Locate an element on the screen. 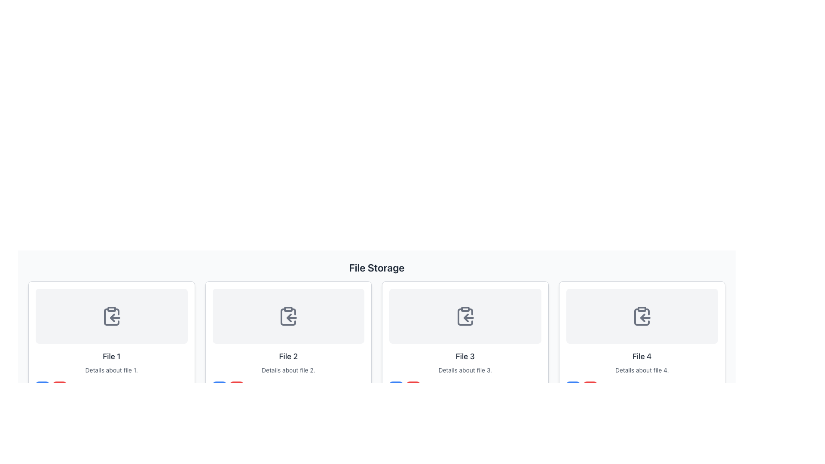 The image size is (825, 464). the clipboard icon located in the second column of a grid layout, above the label 'File 2' is located at coordinates (288, 316).